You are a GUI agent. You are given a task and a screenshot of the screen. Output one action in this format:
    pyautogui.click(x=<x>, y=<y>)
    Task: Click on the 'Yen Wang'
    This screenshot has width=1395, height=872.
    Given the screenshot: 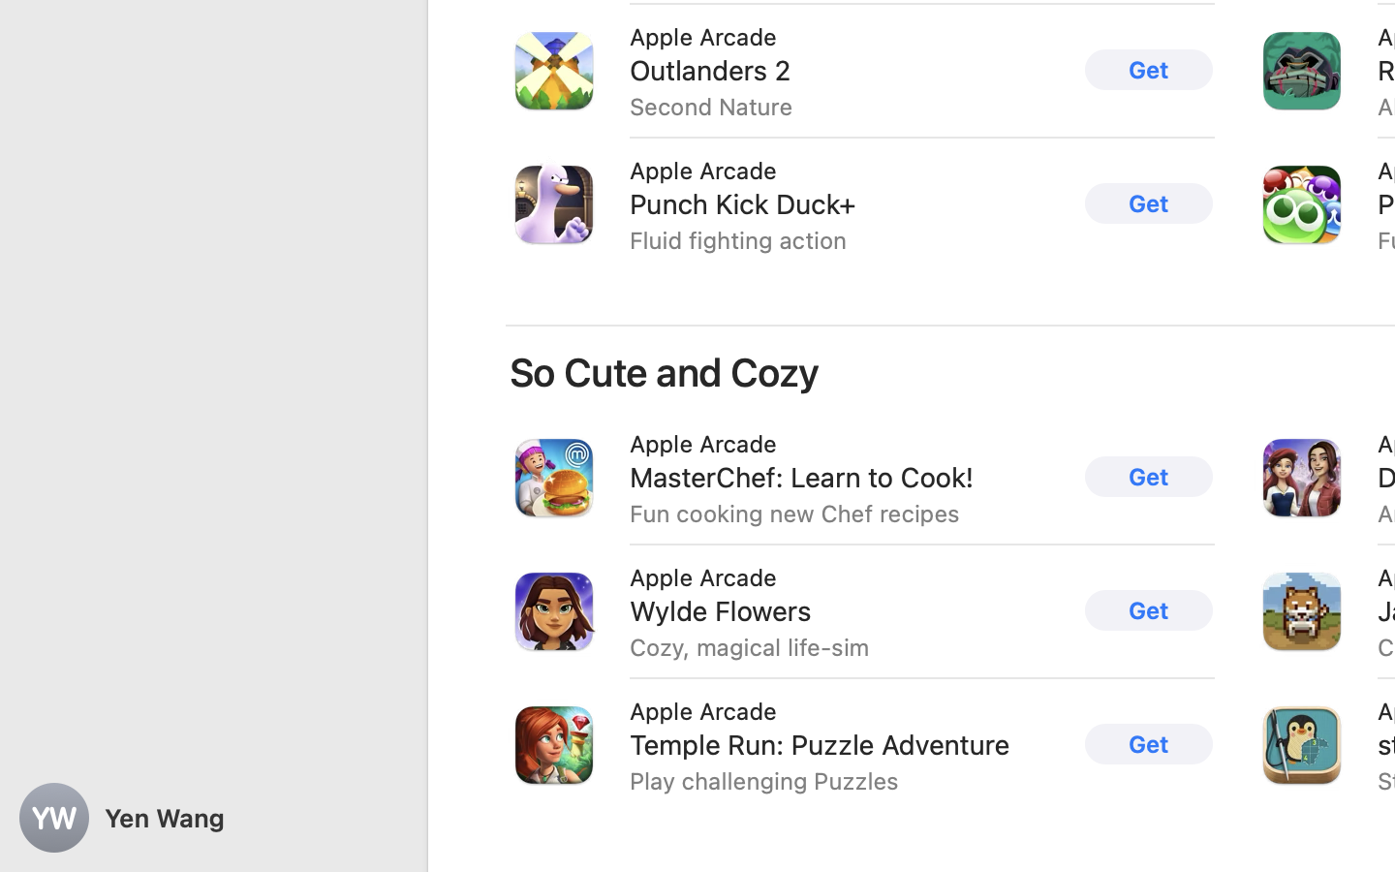 What is the action you would take?
    pyautogui.click(x=213, y=818)
    